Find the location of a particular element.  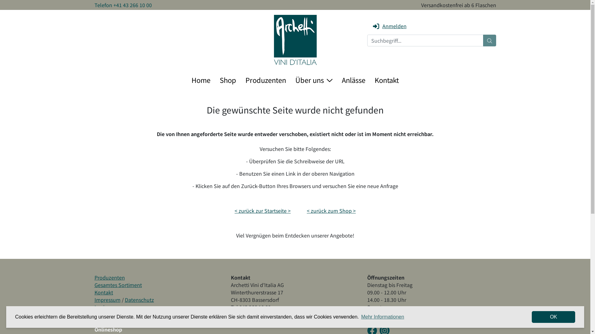

'Shop' is located at coordinates (227, 79).